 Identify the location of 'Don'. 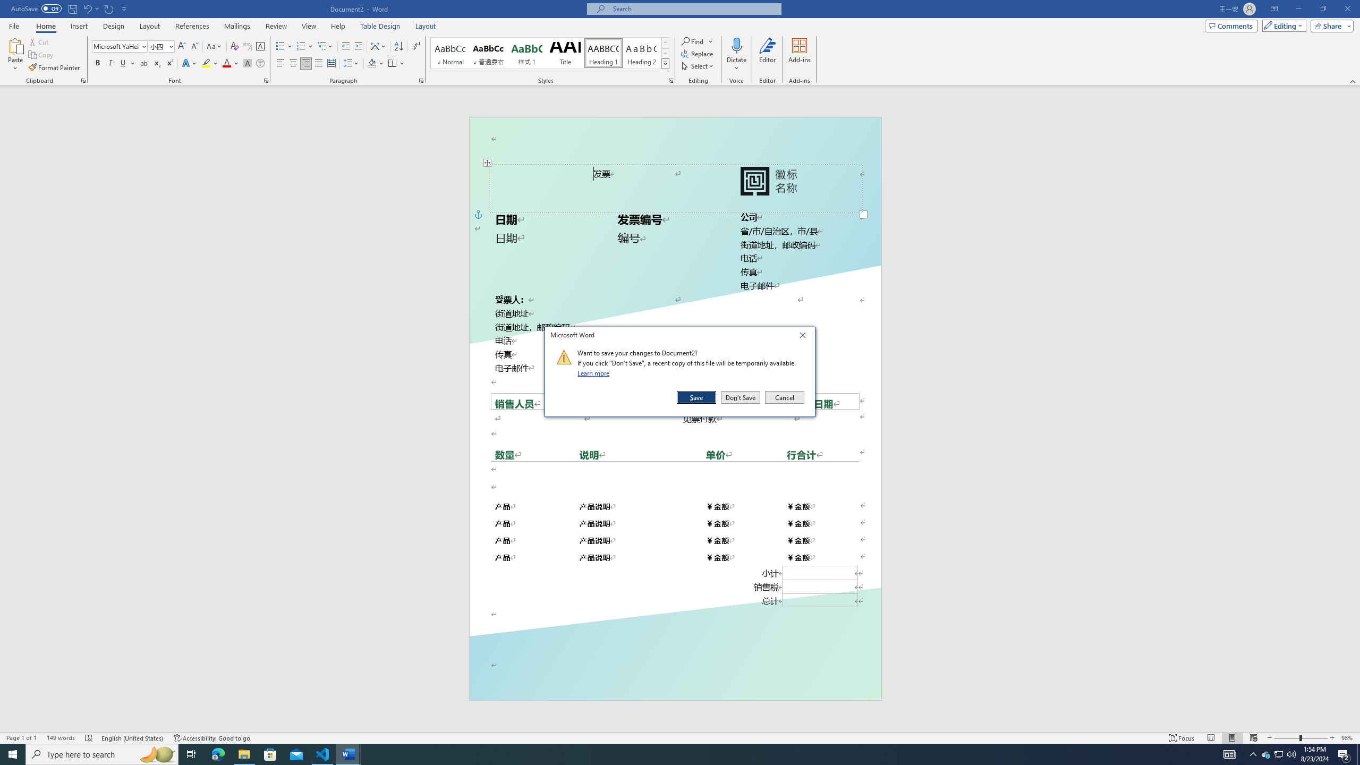
(740, 397).